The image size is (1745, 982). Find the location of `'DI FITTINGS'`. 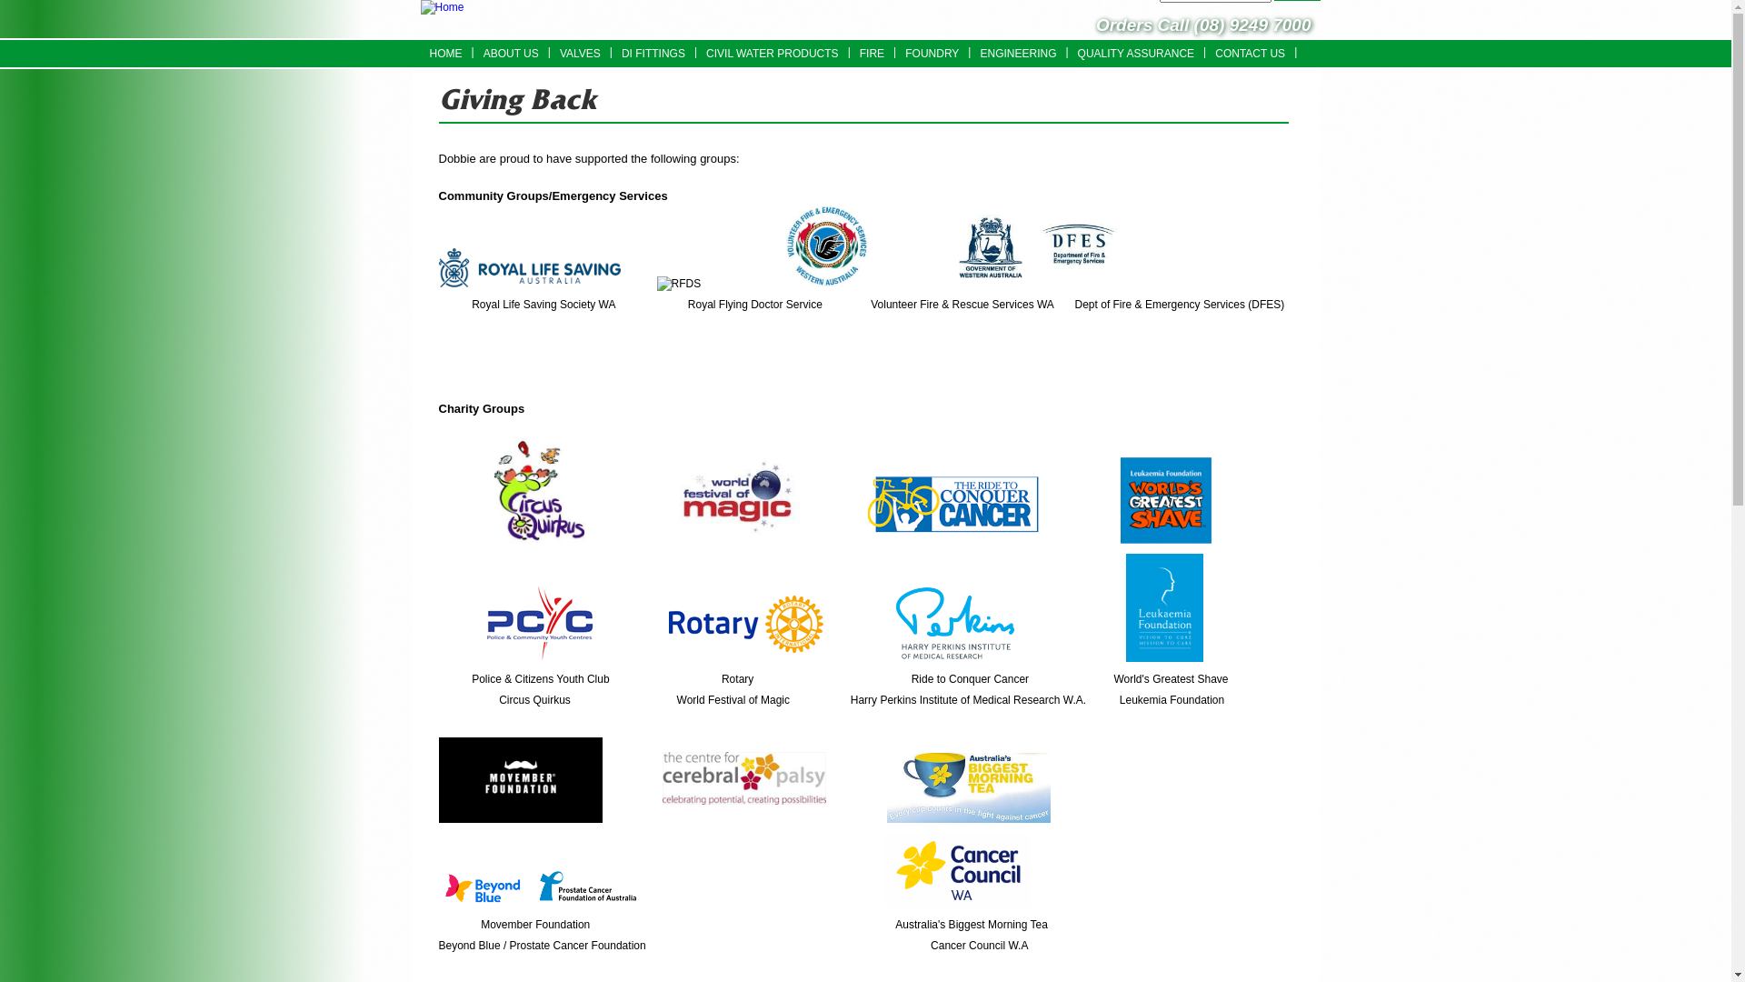

'DI FITTINGS' is located at coordinates (653, 53).